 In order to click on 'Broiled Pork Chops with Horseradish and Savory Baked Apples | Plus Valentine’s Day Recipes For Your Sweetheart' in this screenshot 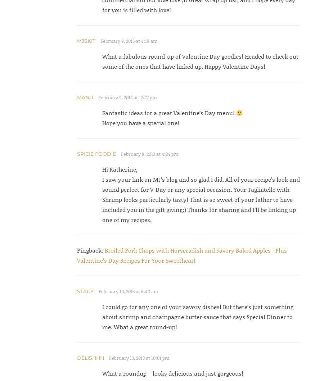, I will do `click(77, 255)`.